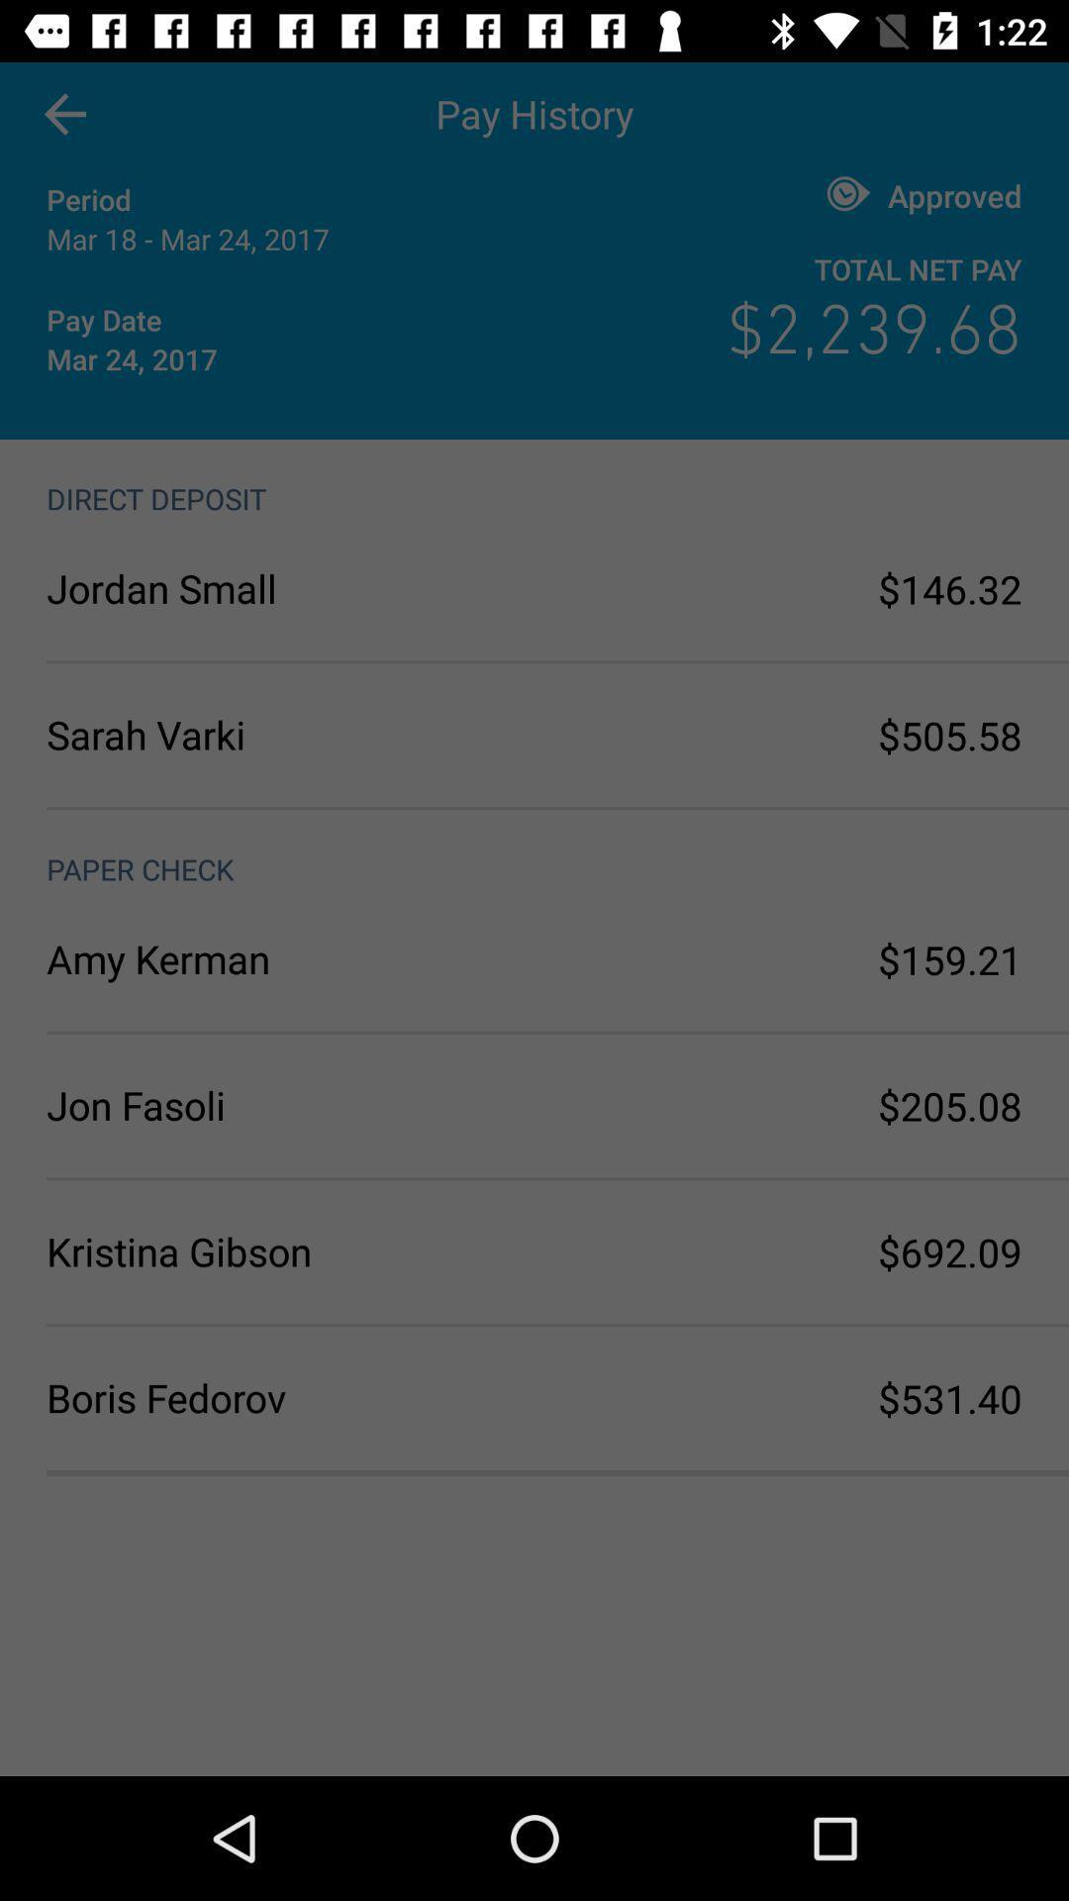 This screenshot has width=1069, height=1901. I want to click on the kristina gibson icon, so click(290, 1251).